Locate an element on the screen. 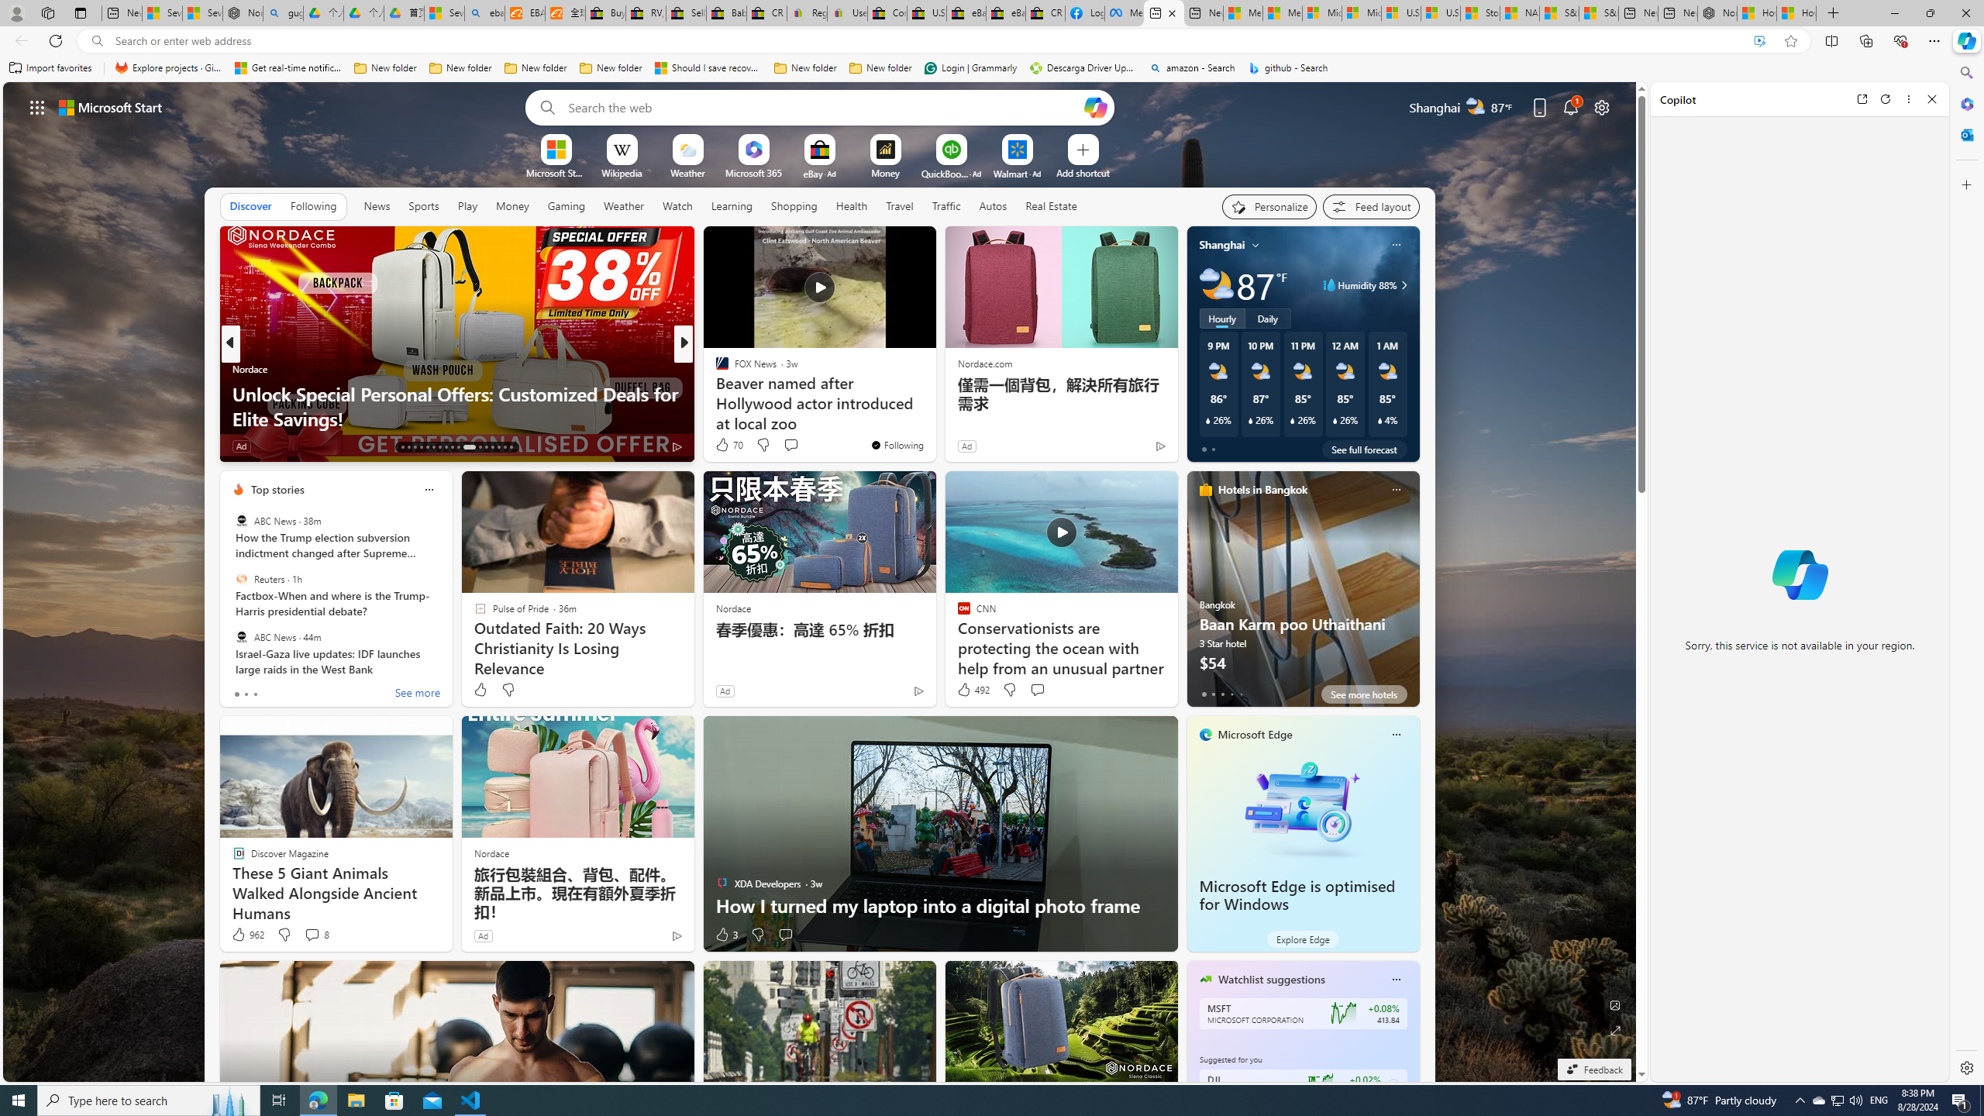 The width and height of the screenshot is (1984, 1116). 'Minimize' is located at coordinates (1893, 12).